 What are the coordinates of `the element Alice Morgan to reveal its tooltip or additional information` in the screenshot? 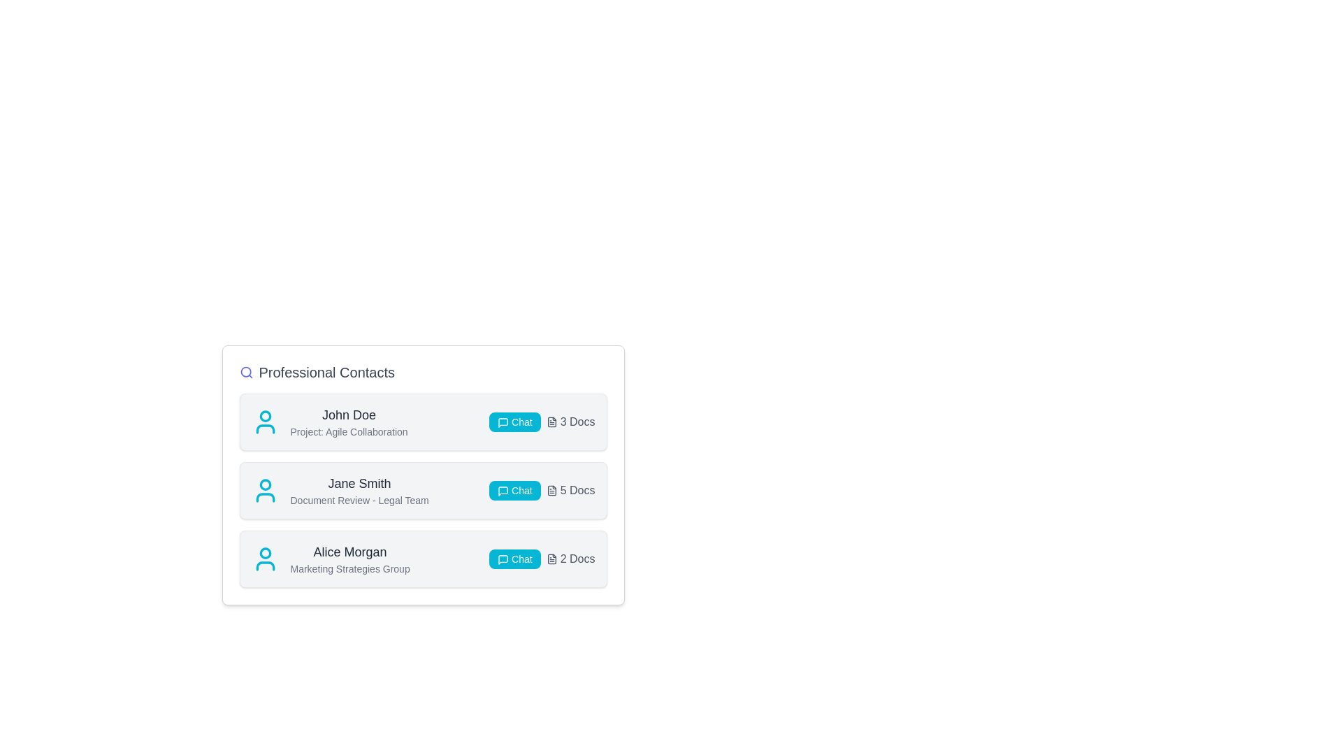 It's located at (350, 552).